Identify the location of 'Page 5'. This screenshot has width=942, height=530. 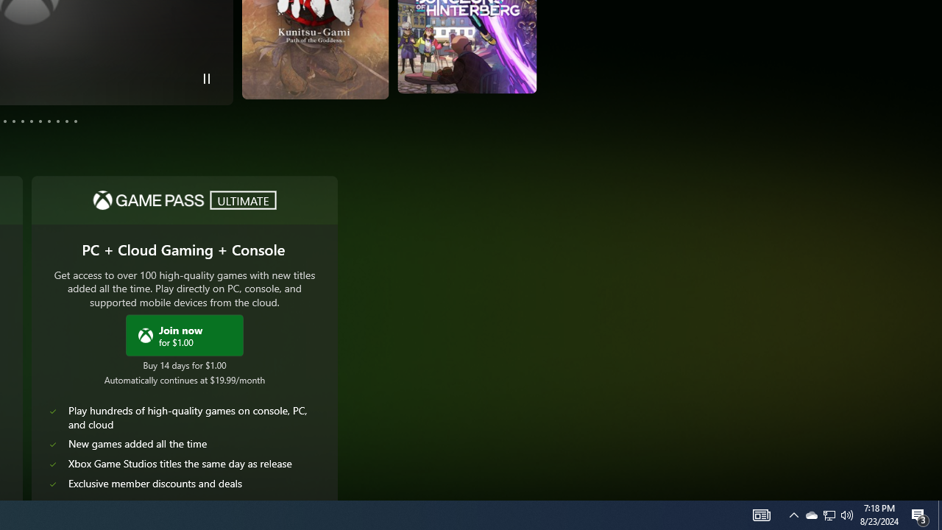
(14, 120).